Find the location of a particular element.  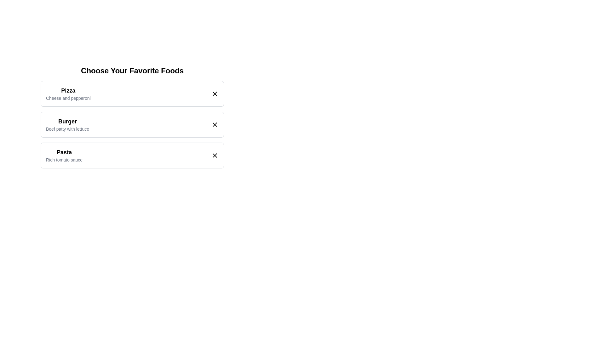

the Text Label that identifies the list entry as 'Burger' within the 'Choose Your Favorite Foods' list is located at coordinates (67, 121).